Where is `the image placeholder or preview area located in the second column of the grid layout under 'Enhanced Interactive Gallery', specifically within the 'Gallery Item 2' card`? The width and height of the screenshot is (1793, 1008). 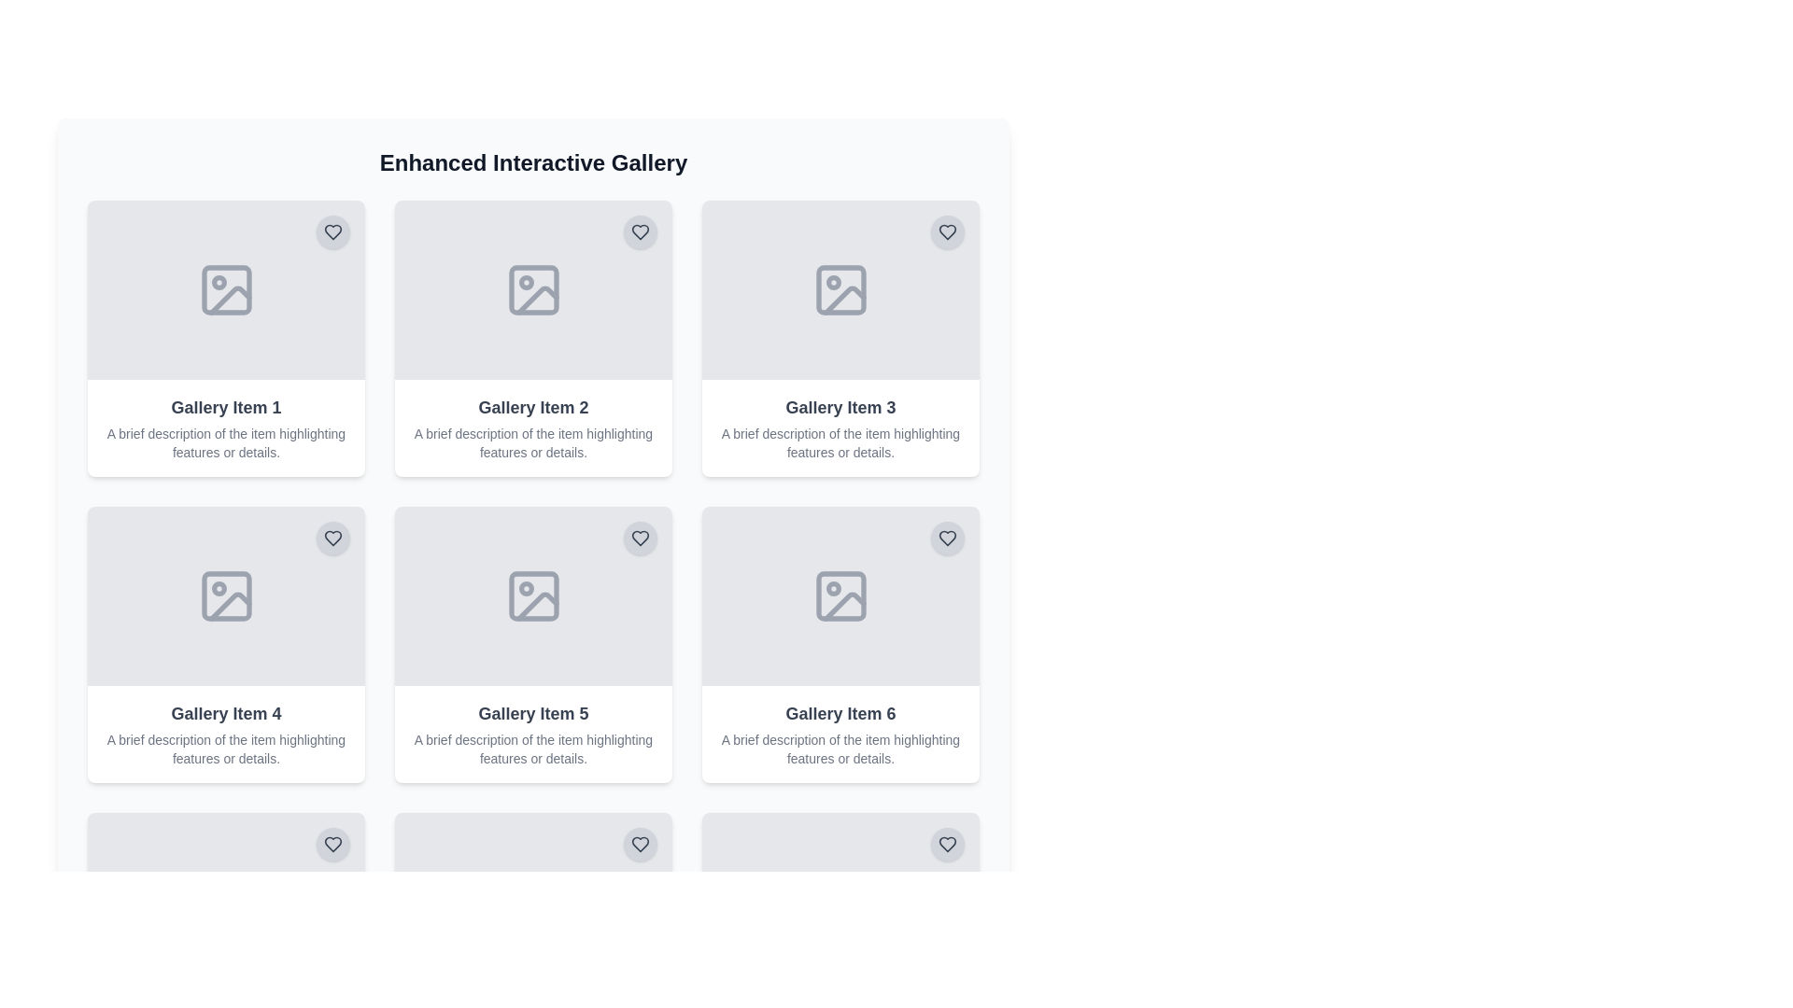
the image placeholder or preview area located in the second column of the grid layout under 'Enhanced Interactive Gallery', specifically within the 'Gallery Item 2' card is located at coordinates (532, 290).